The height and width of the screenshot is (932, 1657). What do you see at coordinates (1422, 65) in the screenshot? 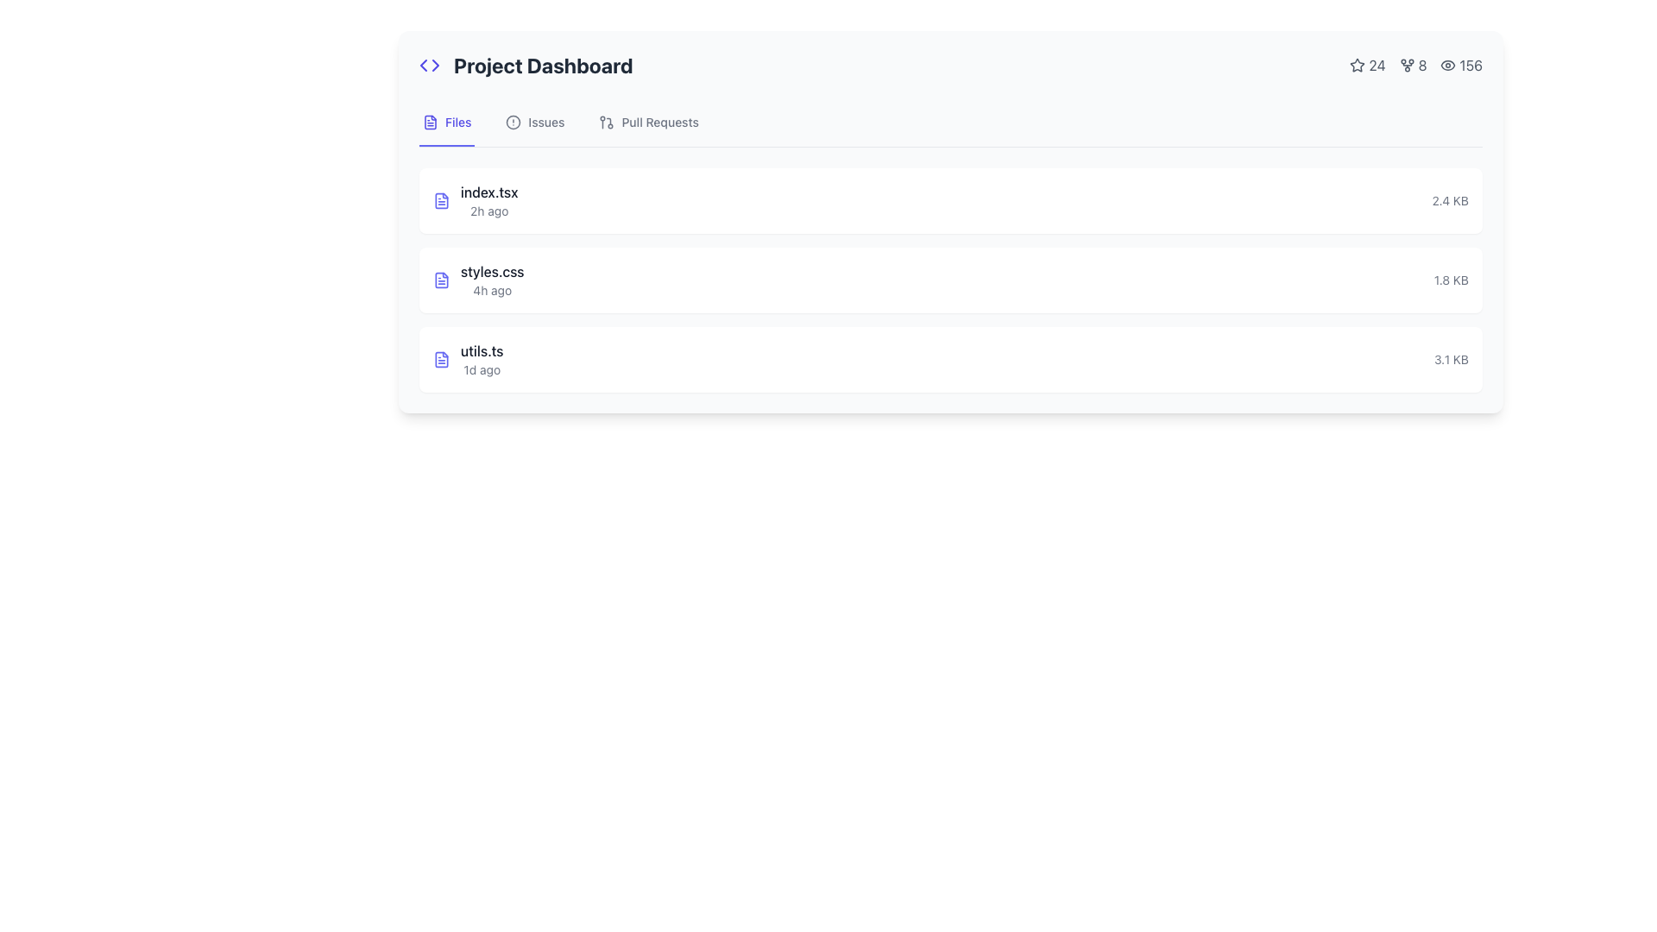
I see `value displayed in the text label indicating the count associated with the nearby branch or fork icon, located at the upper-right corner of the header` at bounding box center [1422, 65].